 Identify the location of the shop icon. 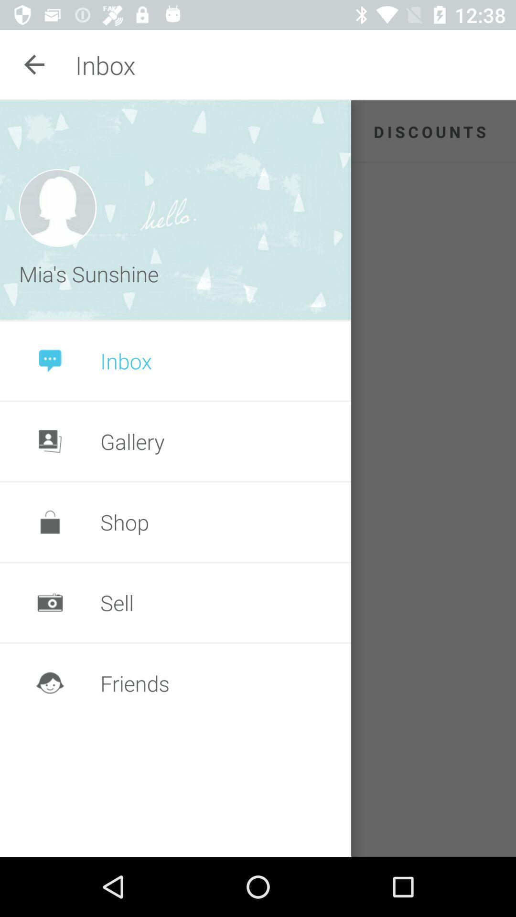
(124, 522).